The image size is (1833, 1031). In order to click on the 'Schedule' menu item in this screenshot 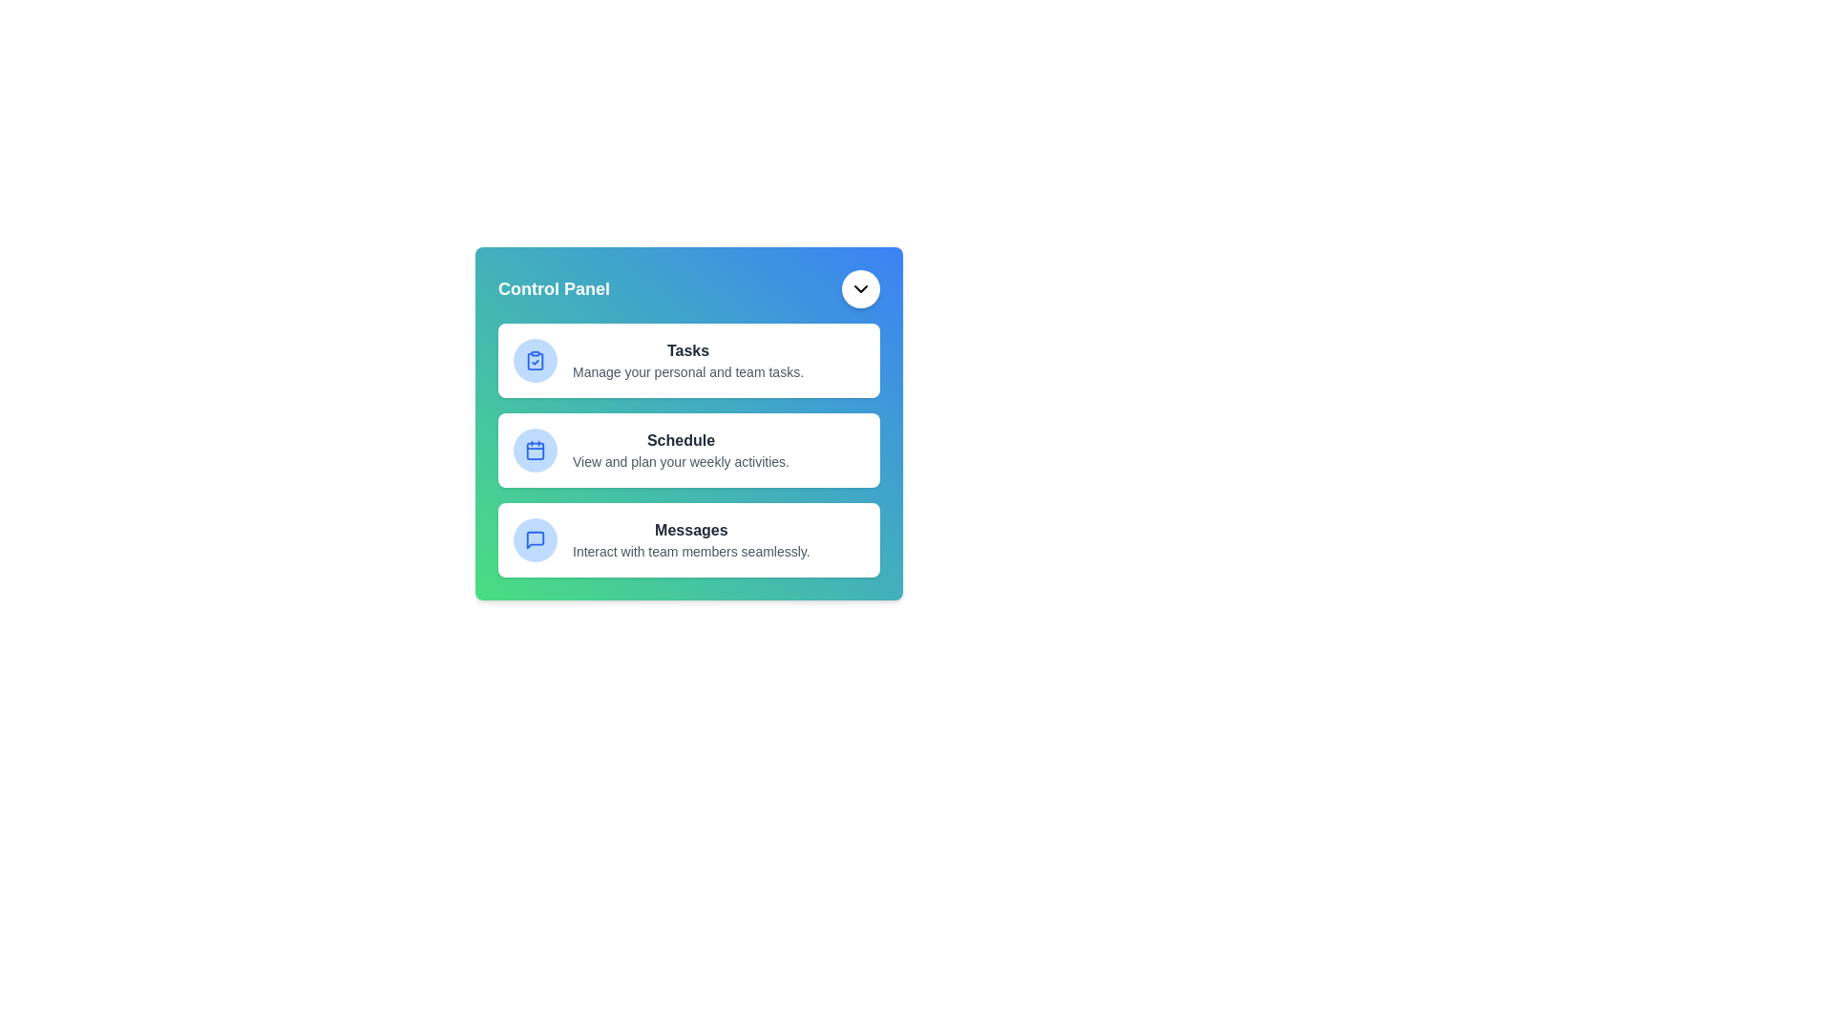, I will do `click(687, 450)`.